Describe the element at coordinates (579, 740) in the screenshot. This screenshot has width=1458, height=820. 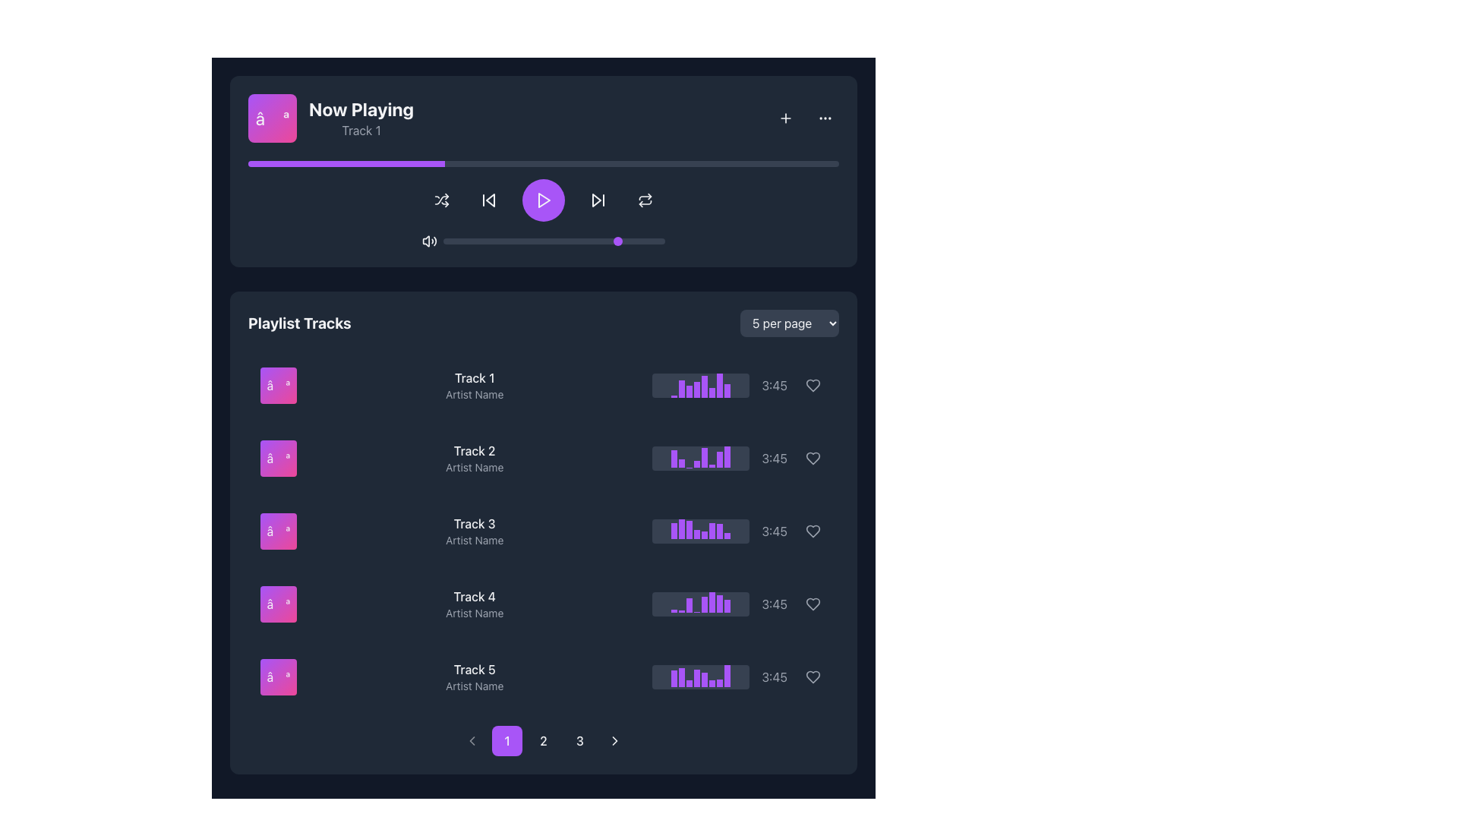
I see `the circular button with the number '3' in bold white text` at that location.